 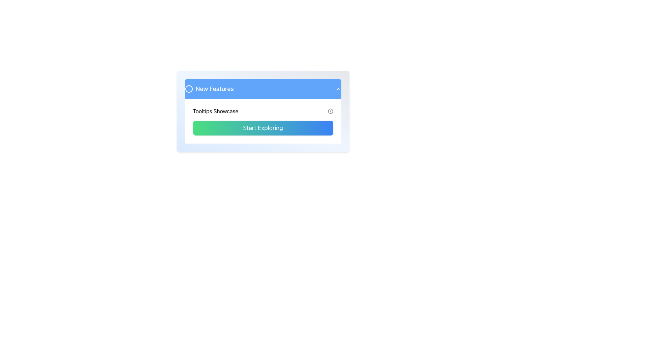 What do you see at coordinates (338, 88) in the screenshot?
I see `the chevron icon located in the upper right corner of the 'New Features' header section` at bounding box center [338, 88].